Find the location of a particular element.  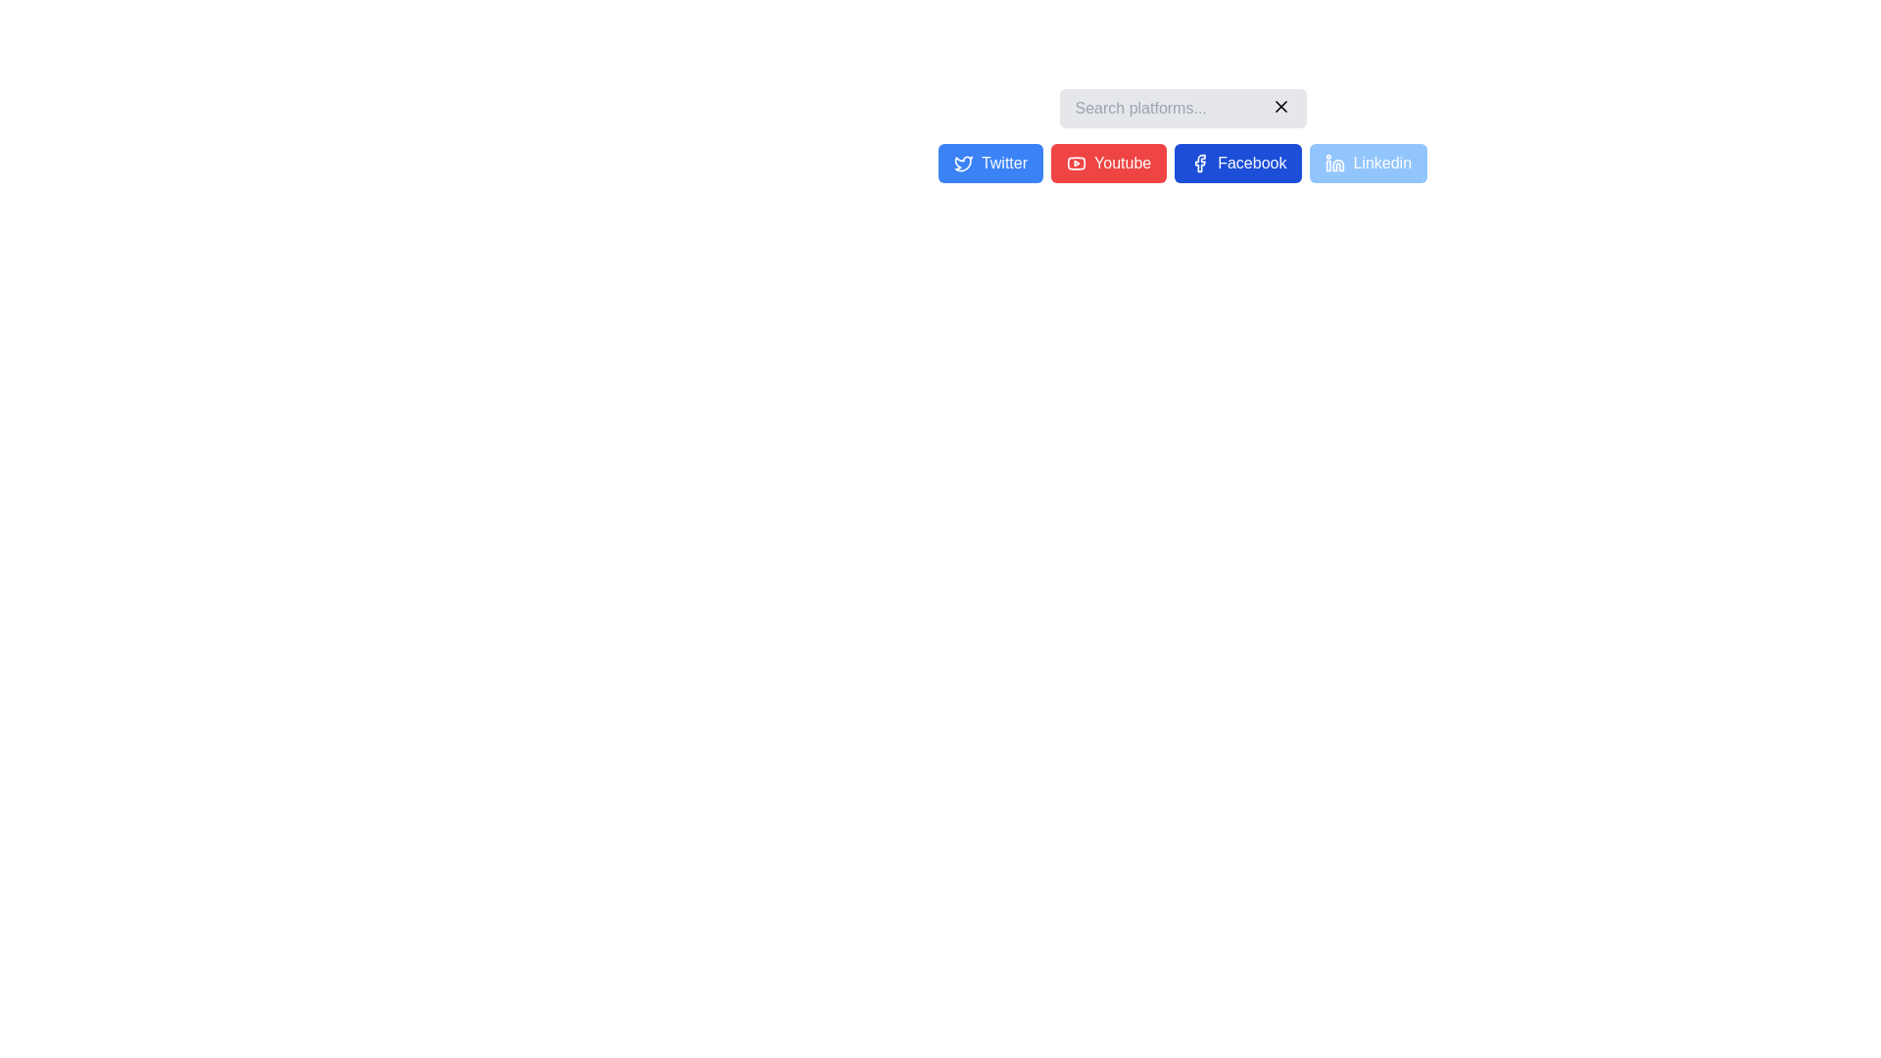

the first icon button in the row of social media buttons is located at coordinates (963, 163).